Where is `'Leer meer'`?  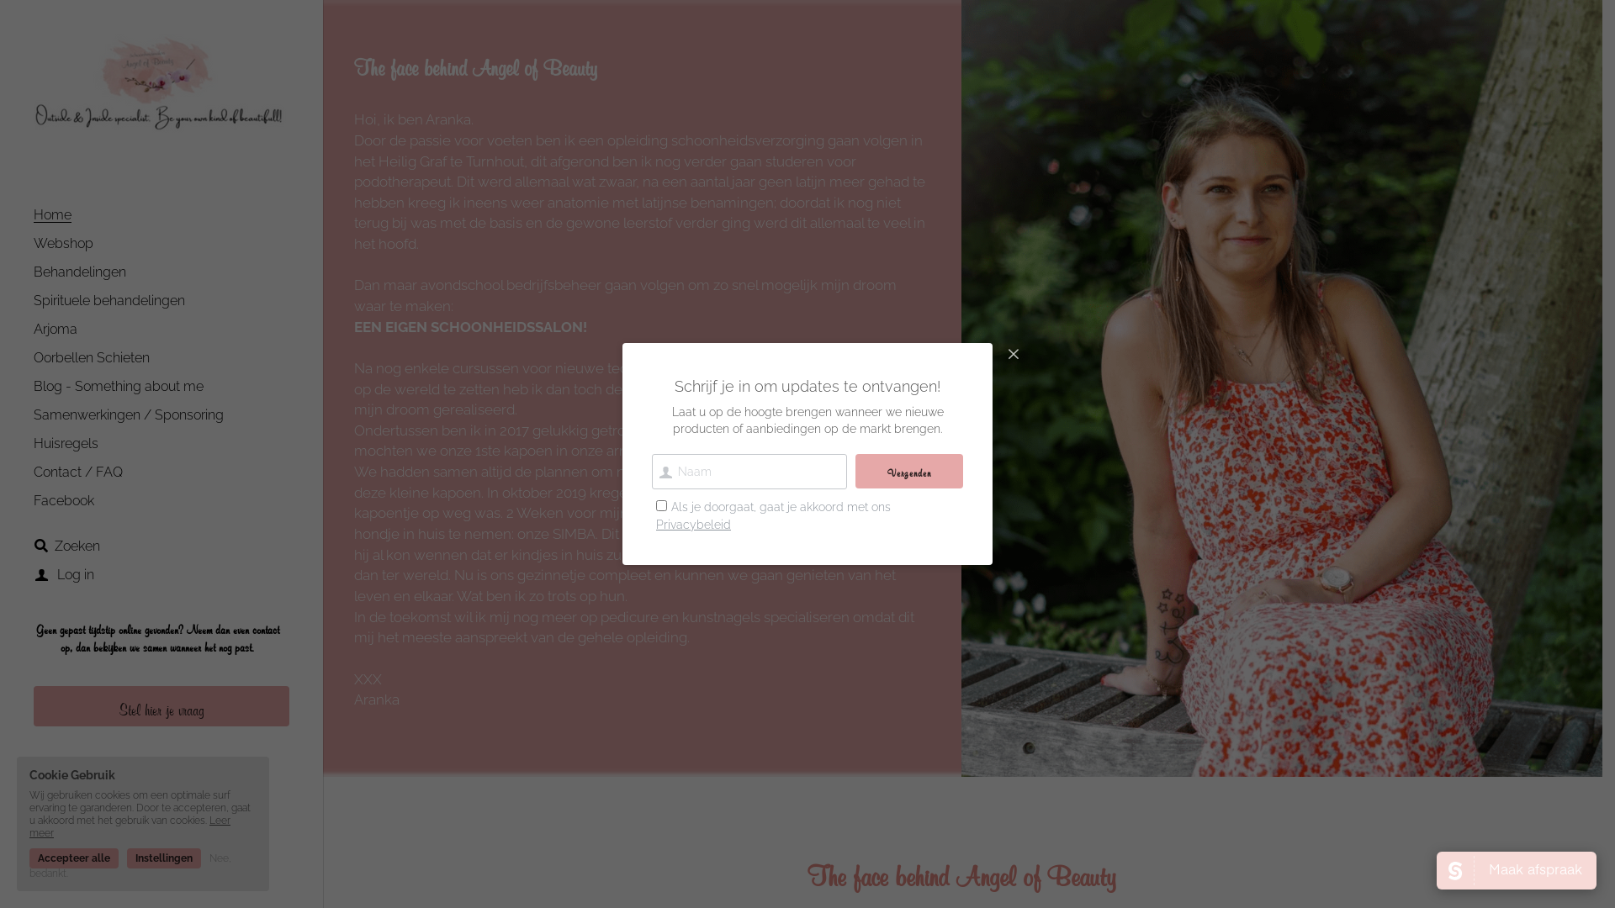 'Leer meer' is located at coordinates (129, 826).